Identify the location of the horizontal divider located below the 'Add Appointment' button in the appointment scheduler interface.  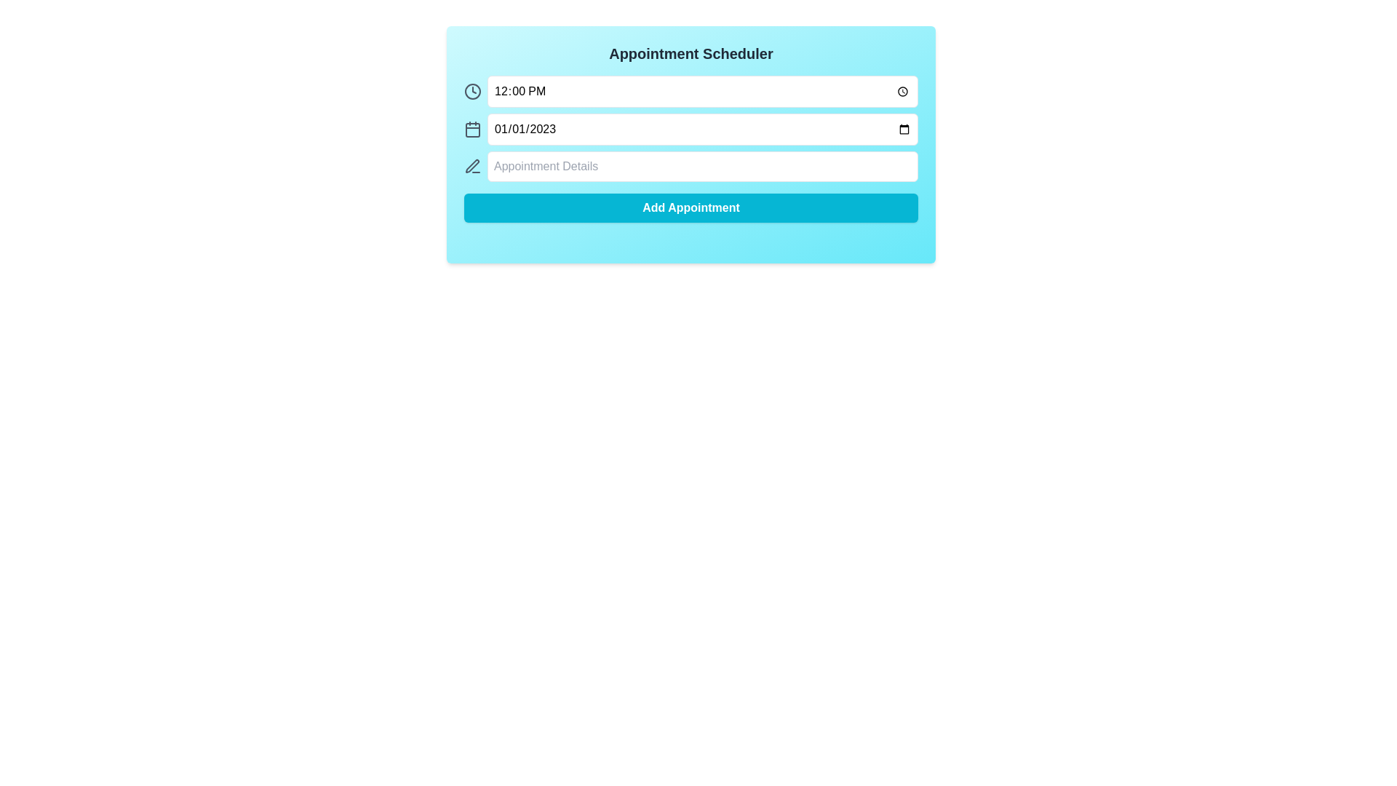
(690, 239).